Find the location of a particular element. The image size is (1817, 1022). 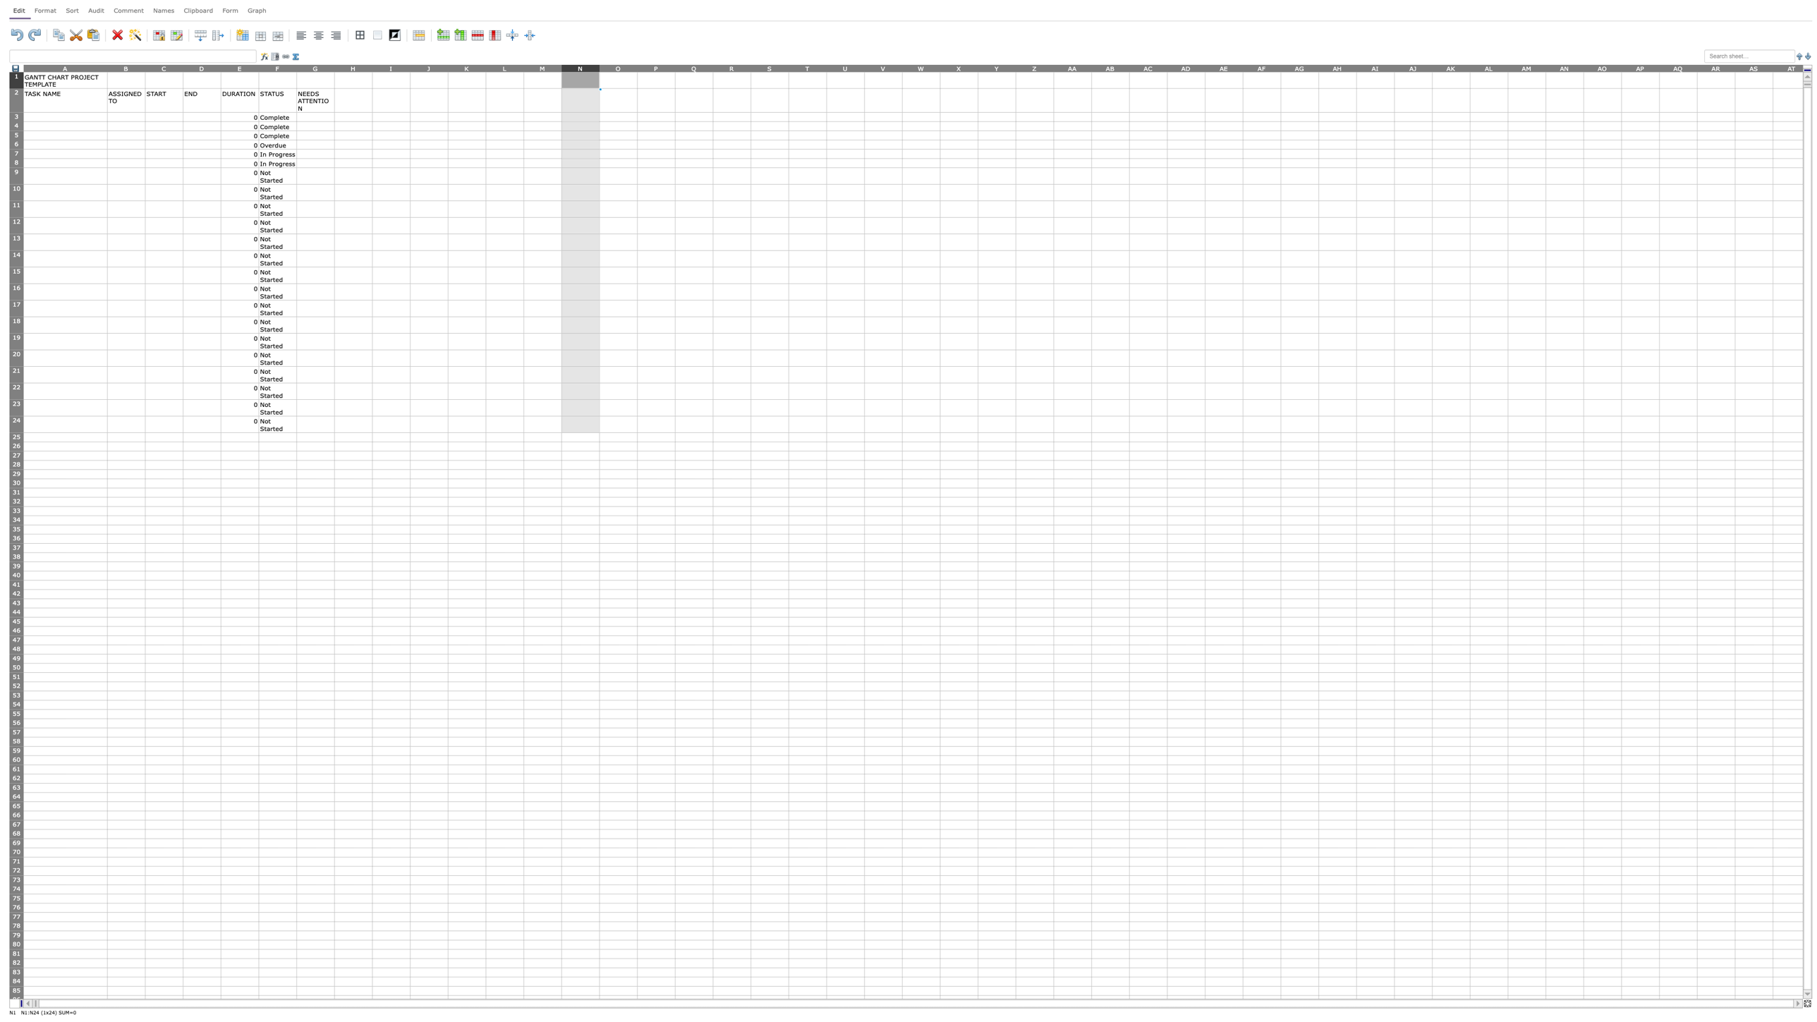

column O's right edge for resizing is located at coordinates (637, 67).